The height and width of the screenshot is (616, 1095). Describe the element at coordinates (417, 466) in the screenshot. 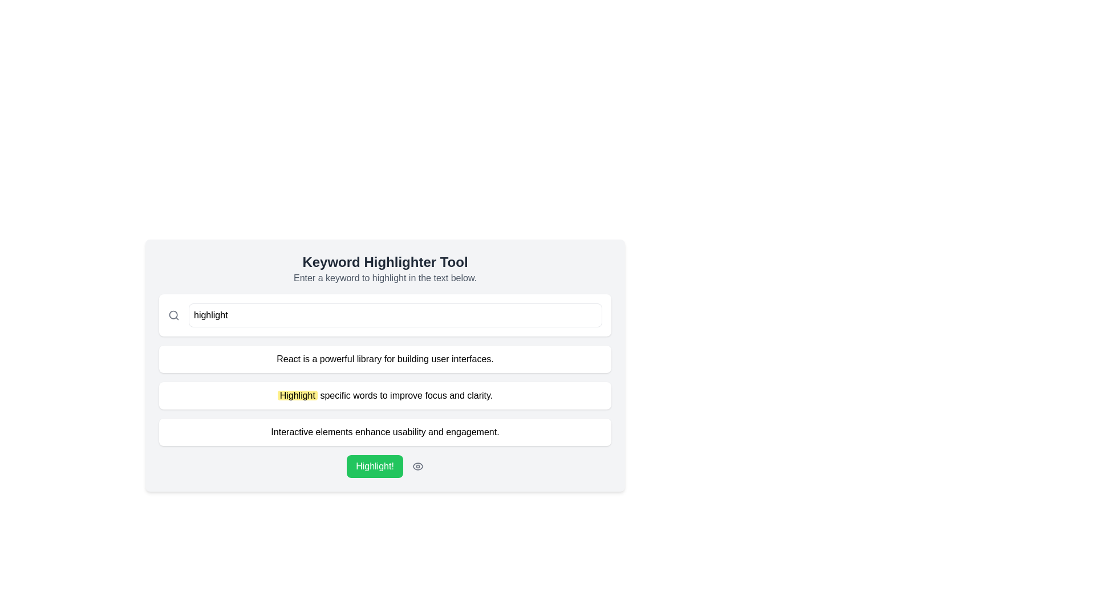

I see `the visibility toggle icon located to the right of the 'Highlight!' button` at that location.